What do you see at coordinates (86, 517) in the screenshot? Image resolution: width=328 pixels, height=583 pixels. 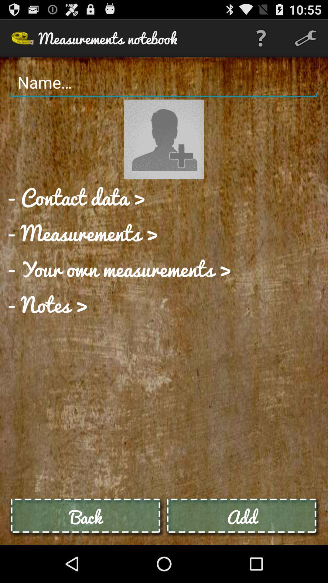 I see `the back button` at bounding box center [86, 517].